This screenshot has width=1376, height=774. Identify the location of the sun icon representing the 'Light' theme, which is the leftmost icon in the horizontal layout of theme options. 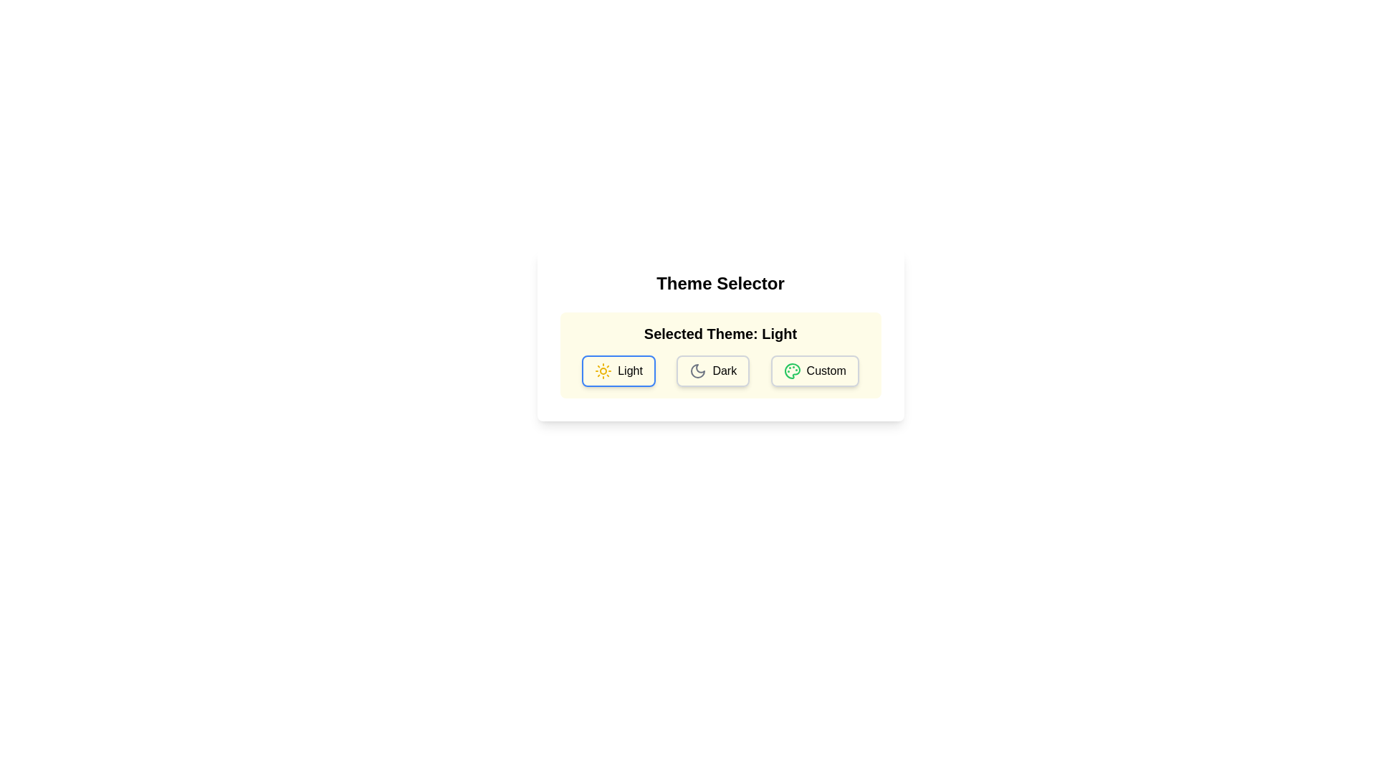
(603, 370).